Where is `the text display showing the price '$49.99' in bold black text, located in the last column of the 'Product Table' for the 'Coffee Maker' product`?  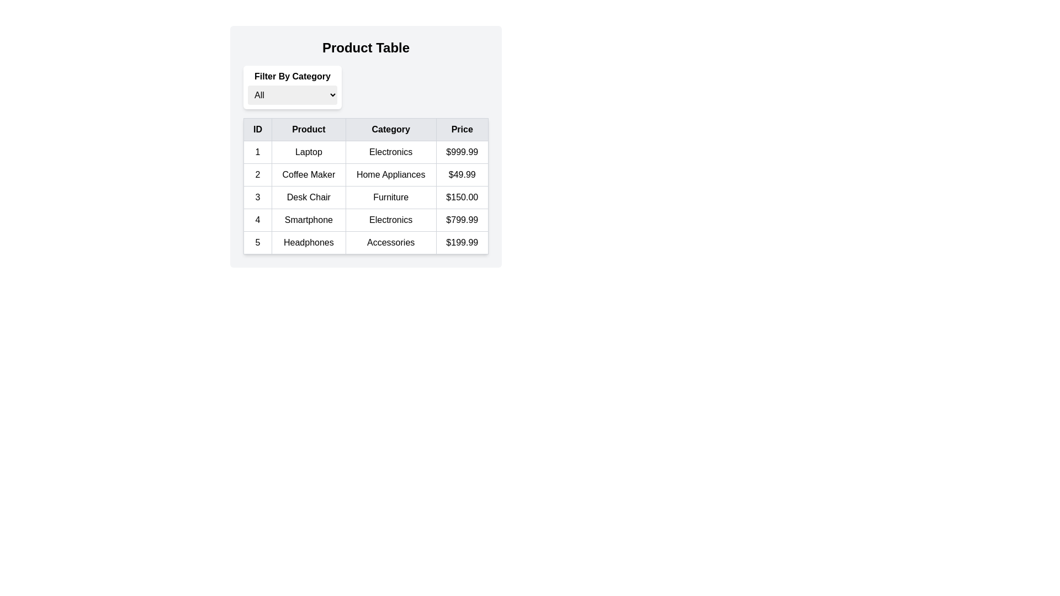
the text display showing the price '$49.99' in bold black text, located in the last column of the 'Product Table' for the 'Coffee Maker' product is located at coordinates (462, 174).